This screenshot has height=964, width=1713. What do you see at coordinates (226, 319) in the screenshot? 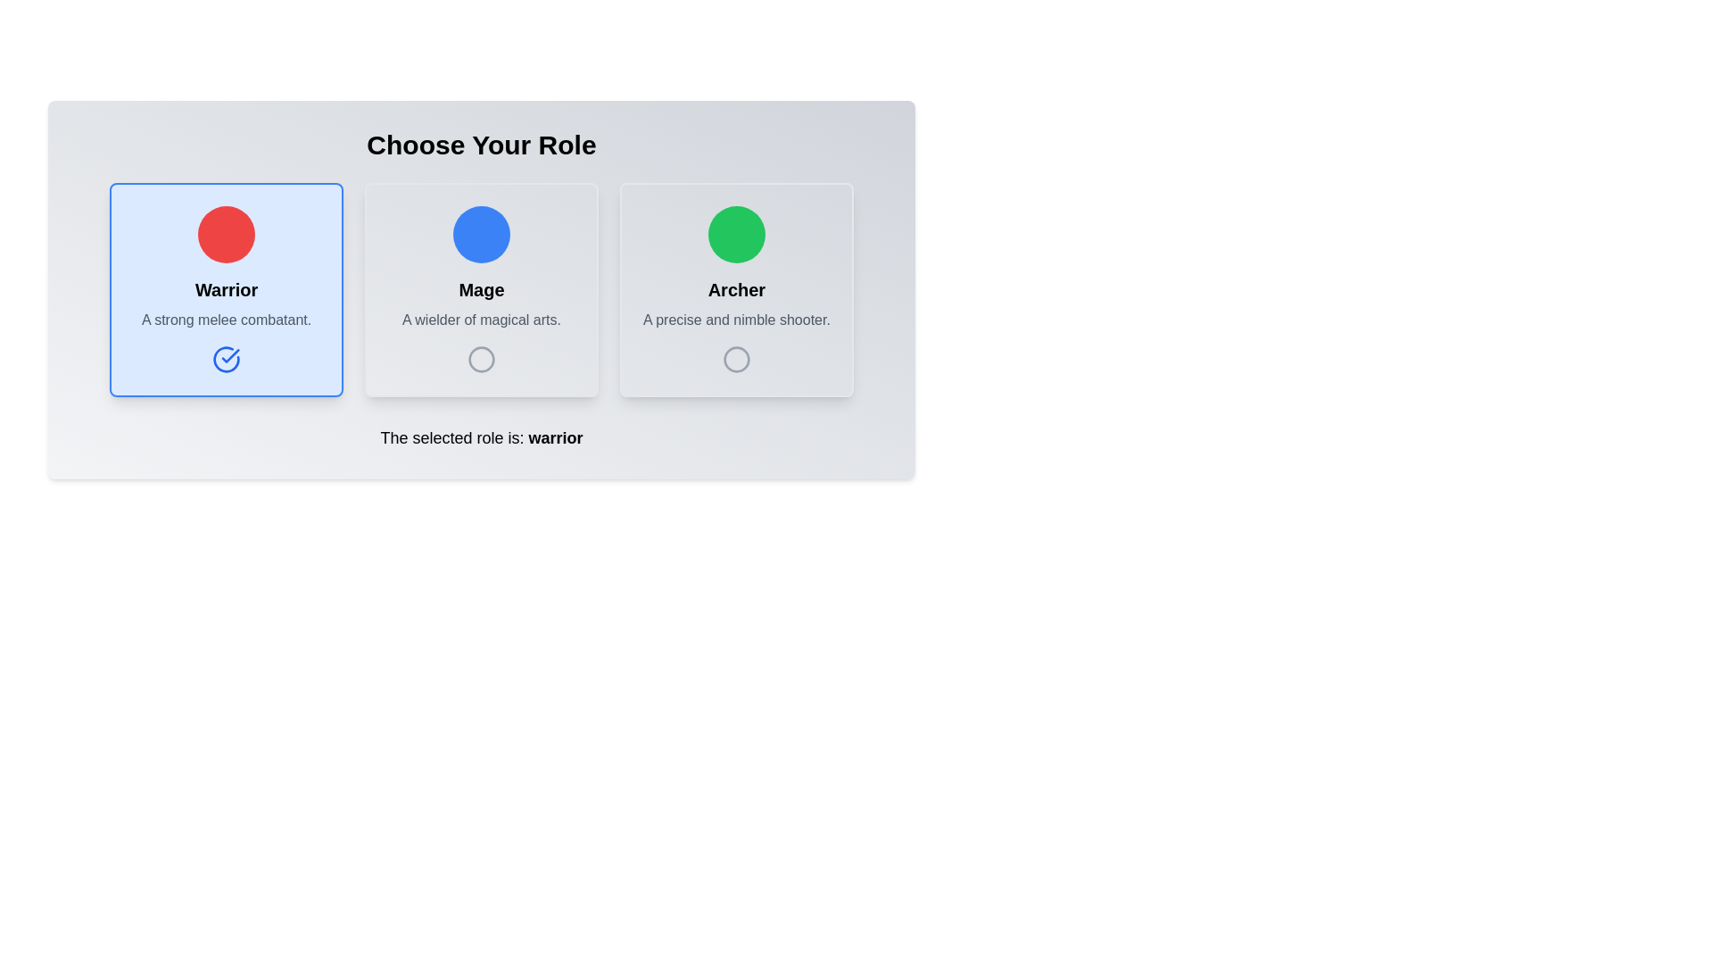
I see `the descriptive text label for the 'Warrior' role, located below the title and above the selection icon within the Warrior card` at bounding box center [226, 319].